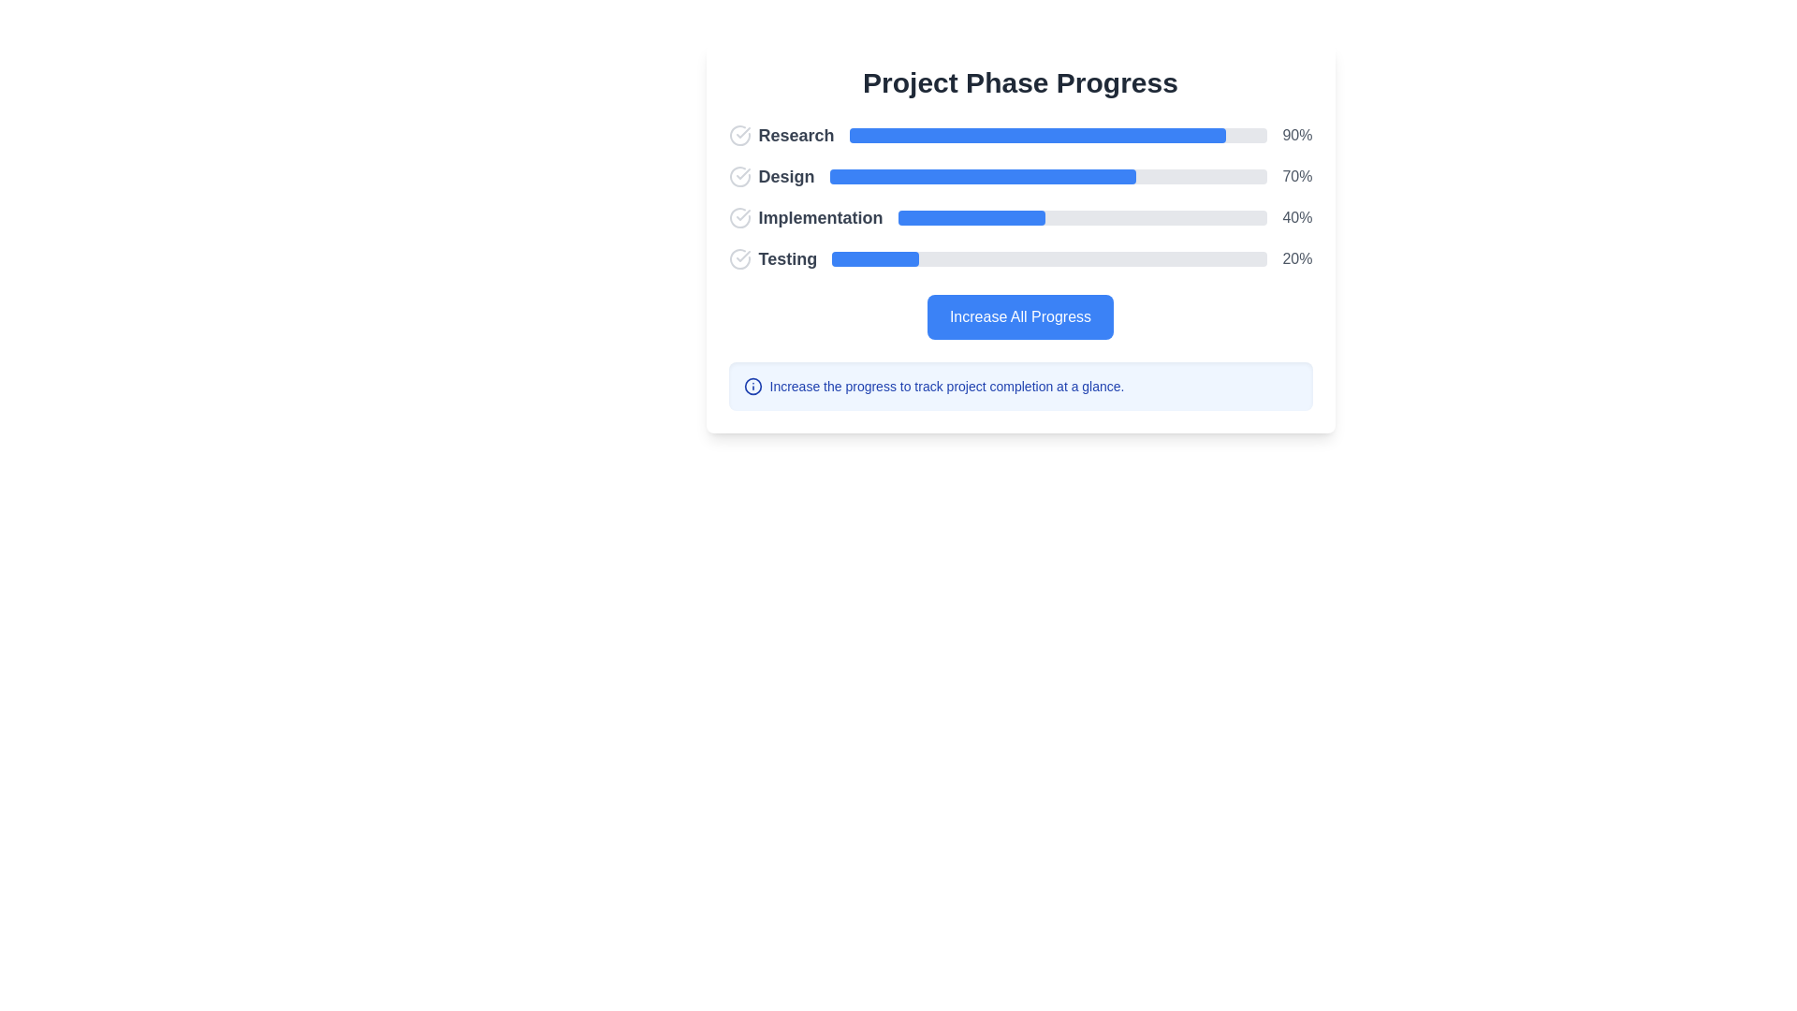  Describe the element at coordinates (1019, 237) in the screenshot. I see `the progress of the project stages in the 'Project Phase Progress' tracker by clicking on its central area` at that location.